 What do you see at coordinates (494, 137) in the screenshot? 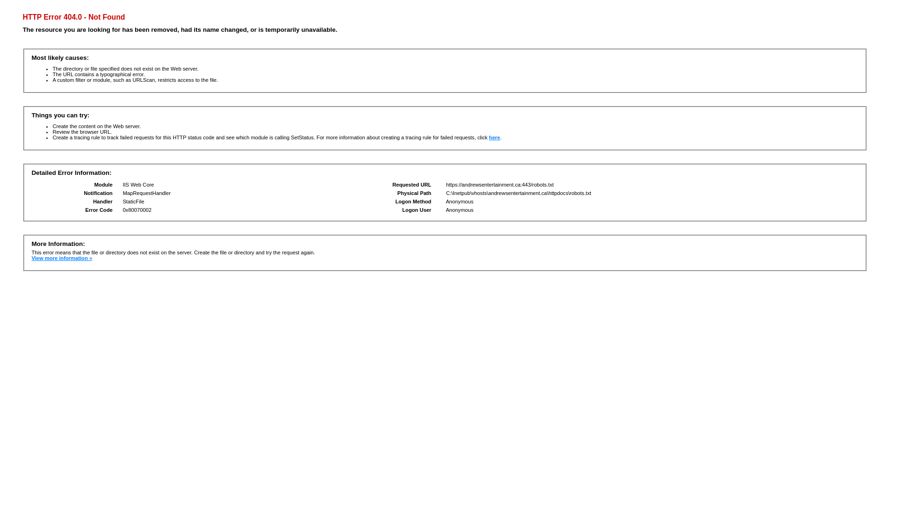
I see `'here'` at bounding box center [494, 137].